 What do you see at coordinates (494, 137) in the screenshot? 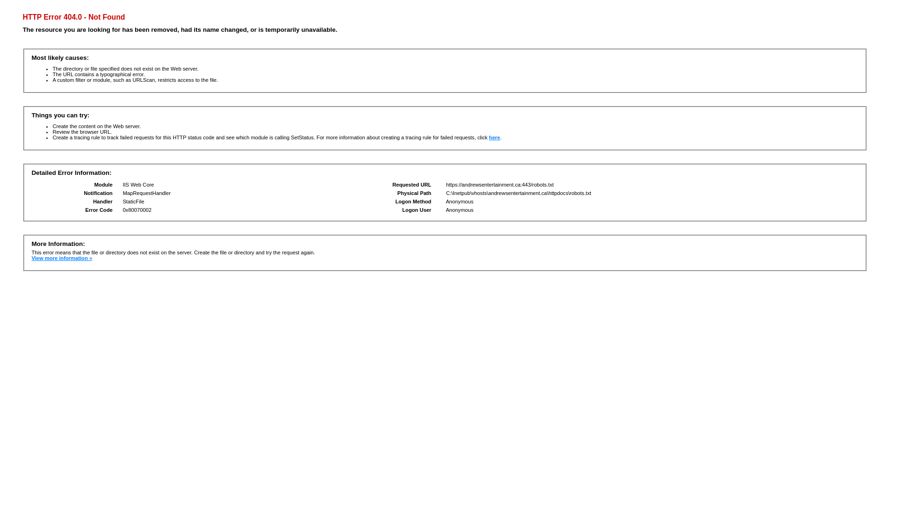
I see `'here'` at bounding box center [494, 137].